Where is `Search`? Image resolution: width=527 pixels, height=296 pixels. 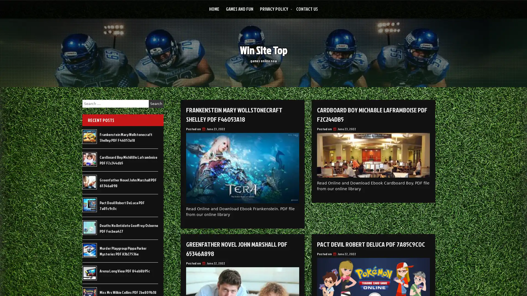 Search is located at coordinates (156, 104).